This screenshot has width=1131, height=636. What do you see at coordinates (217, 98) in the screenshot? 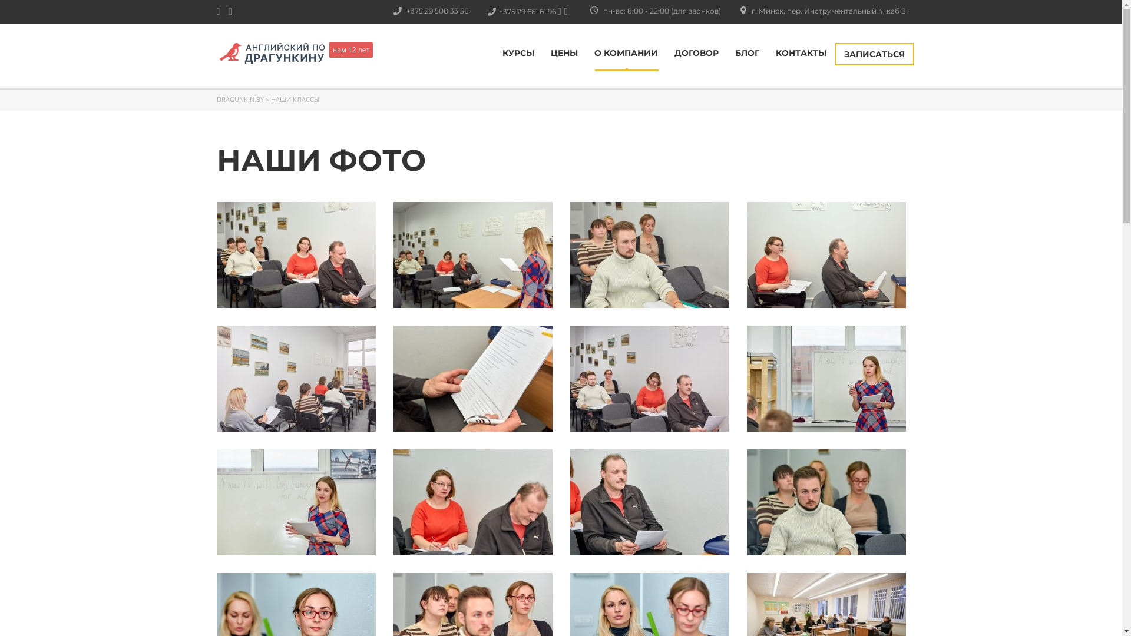
I see `'DRAGUNKIN.BY'` at bounding box center [217, 98].